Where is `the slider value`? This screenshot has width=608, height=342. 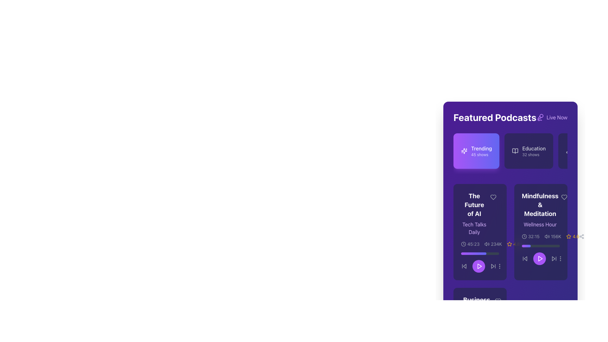
the slider value is located at coordinates (471, 253).